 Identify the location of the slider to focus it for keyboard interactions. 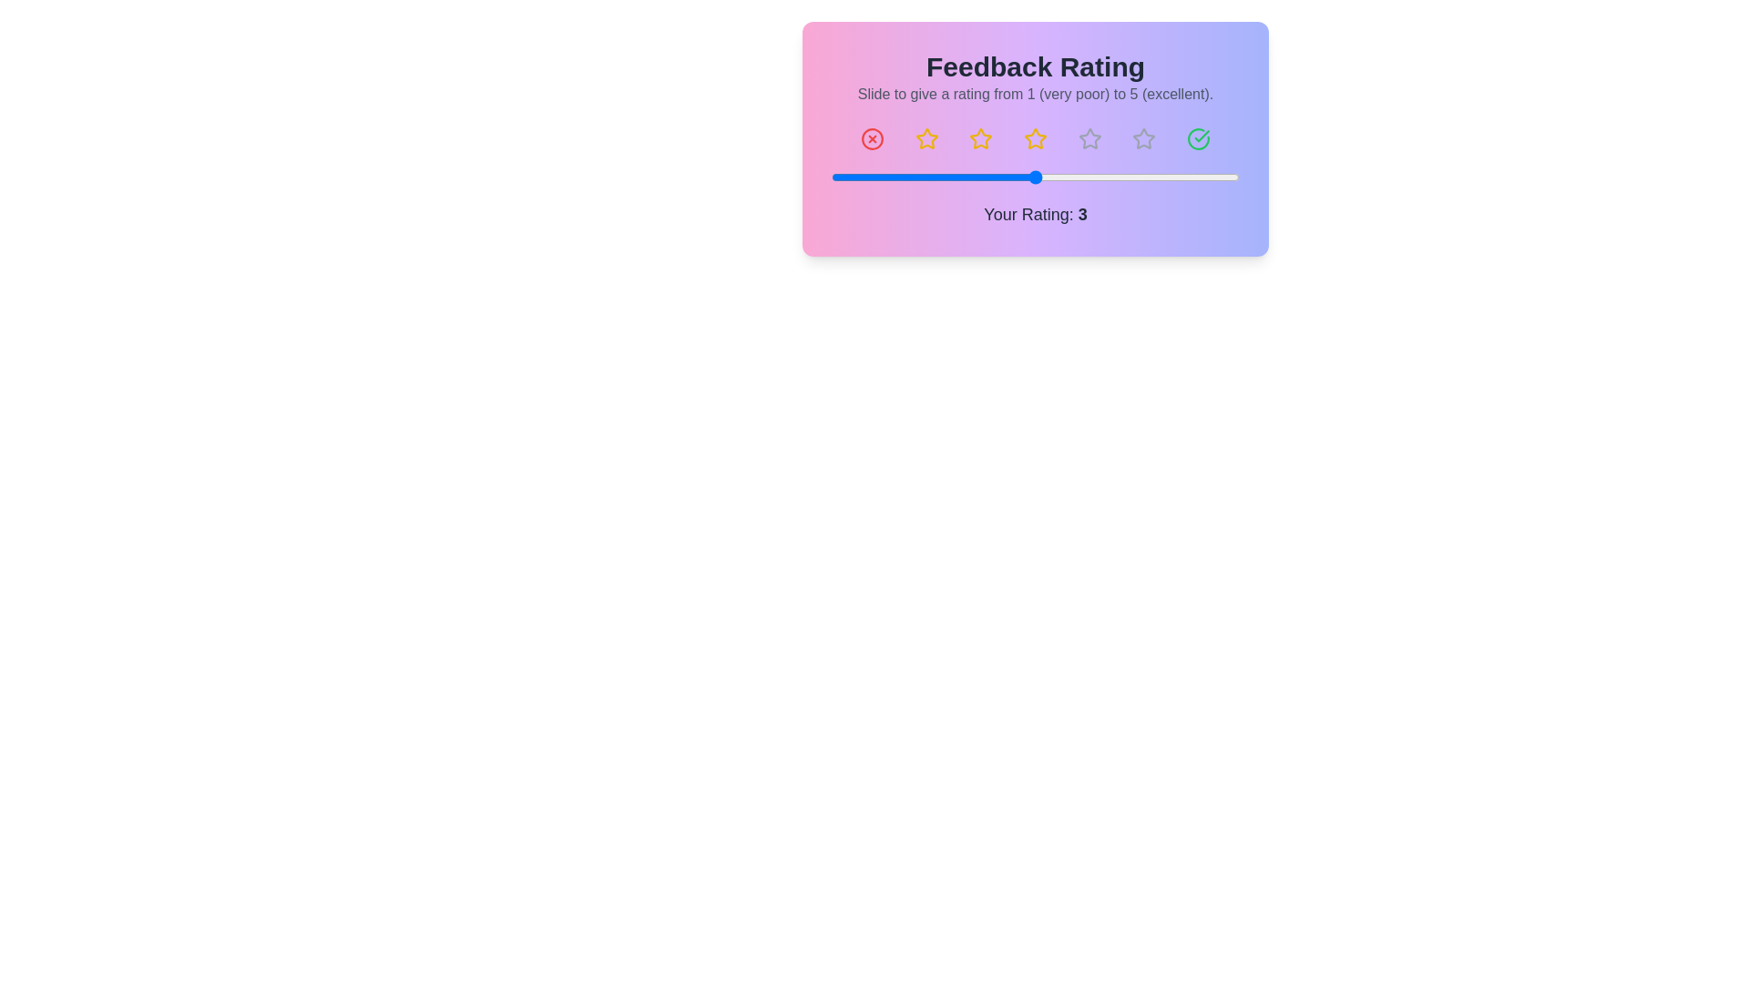
(1036, 177).